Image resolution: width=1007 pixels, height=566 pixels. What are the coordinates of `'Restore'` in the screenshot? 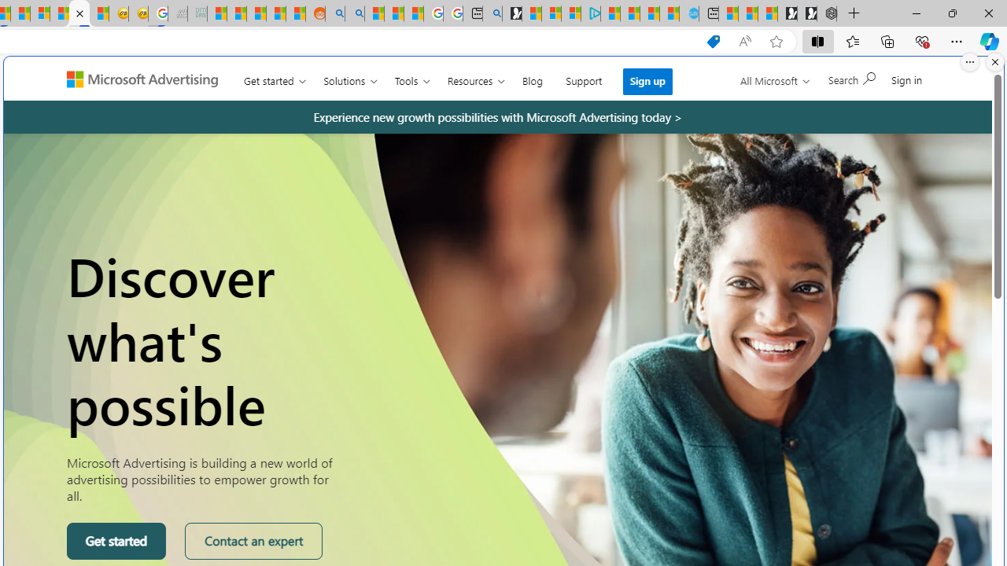 It's located at (951, 13).